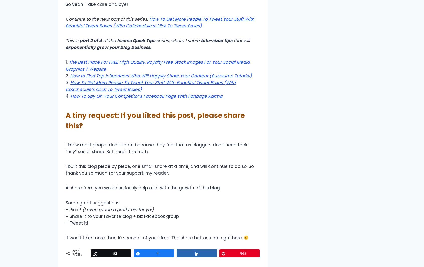  What do you see at coordinates (93, 202) in the screenshot?
I see `'Some great suggestions:'` at bounding box center [93, 202].